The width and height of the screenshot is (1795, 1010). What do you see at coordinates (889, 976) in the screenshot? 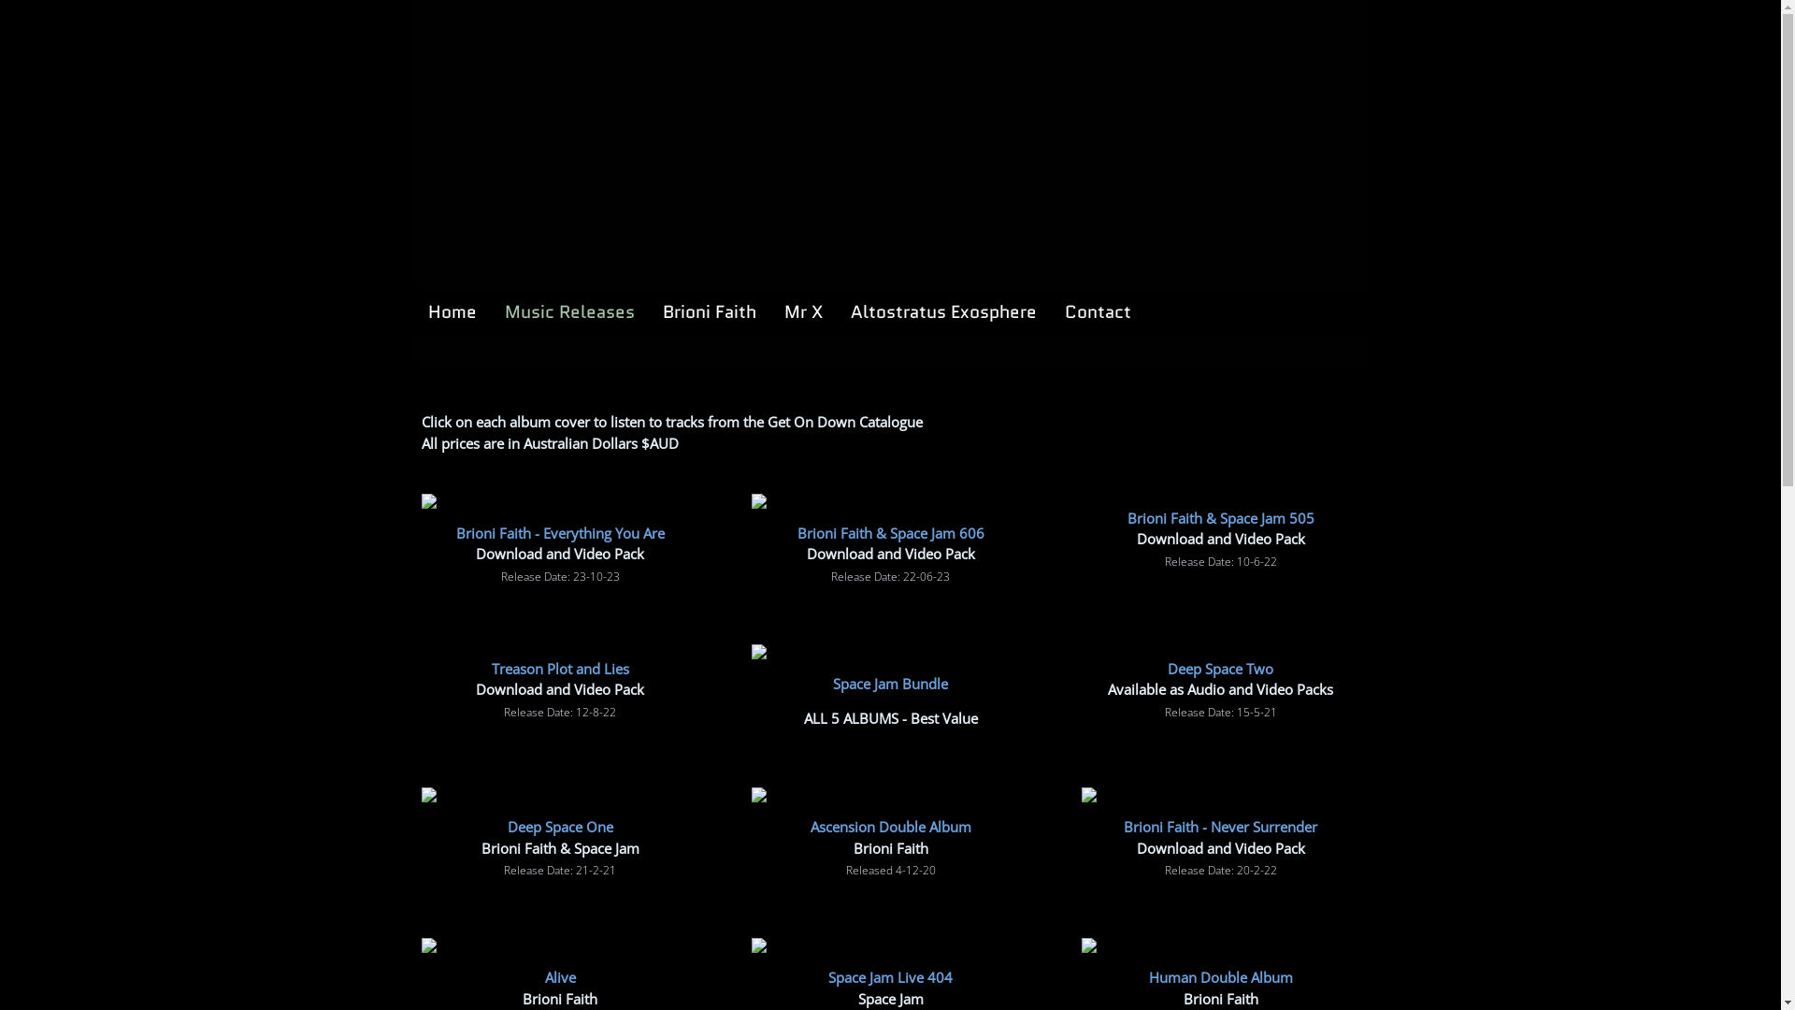
I see `'Space Jam Live 404'` at bounding box center [889, 976].